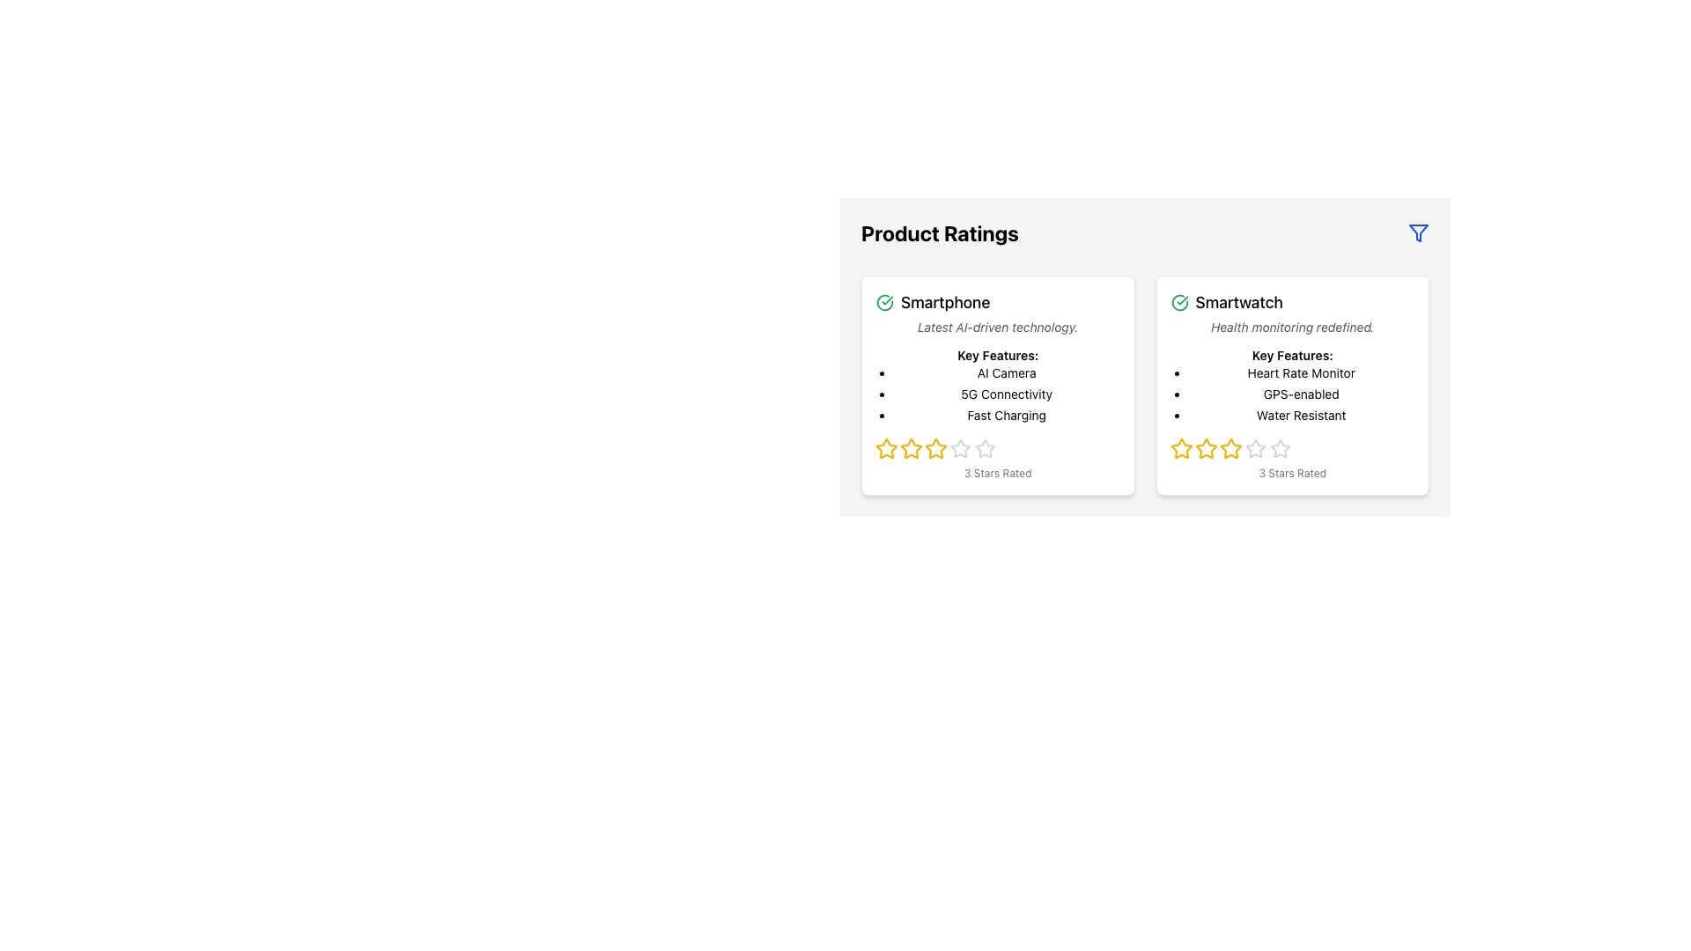  Describe the element at coordinates (1181, 447) in the screenshot. I see `the first Rating Star Icon in the Smartwatch section` at that location.